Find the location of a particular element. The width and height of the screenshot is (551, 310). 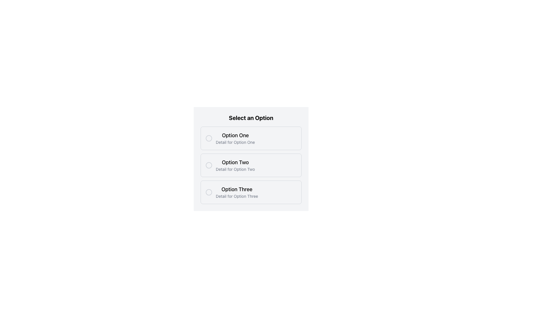

the first radio button located to the left of 'Option One' is located at coordinates (209, 138).